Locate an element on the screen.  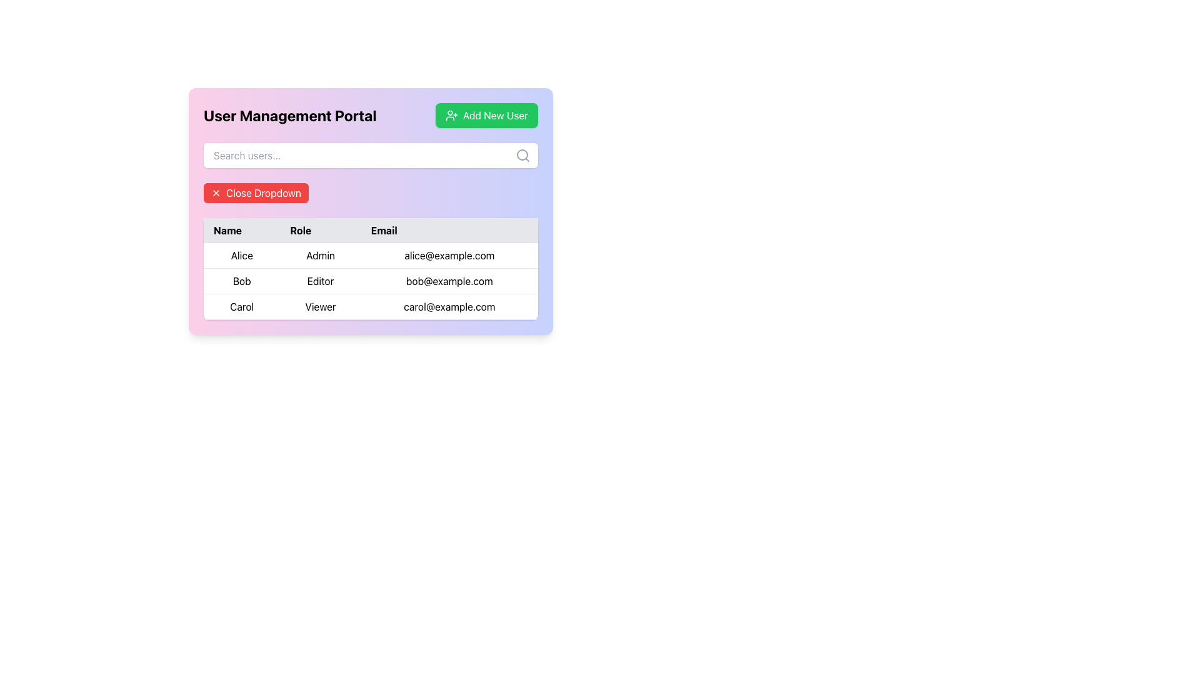
the text label 'Carol' in the third row of the table under the 'Name' column is located at coordinates (242, 306).